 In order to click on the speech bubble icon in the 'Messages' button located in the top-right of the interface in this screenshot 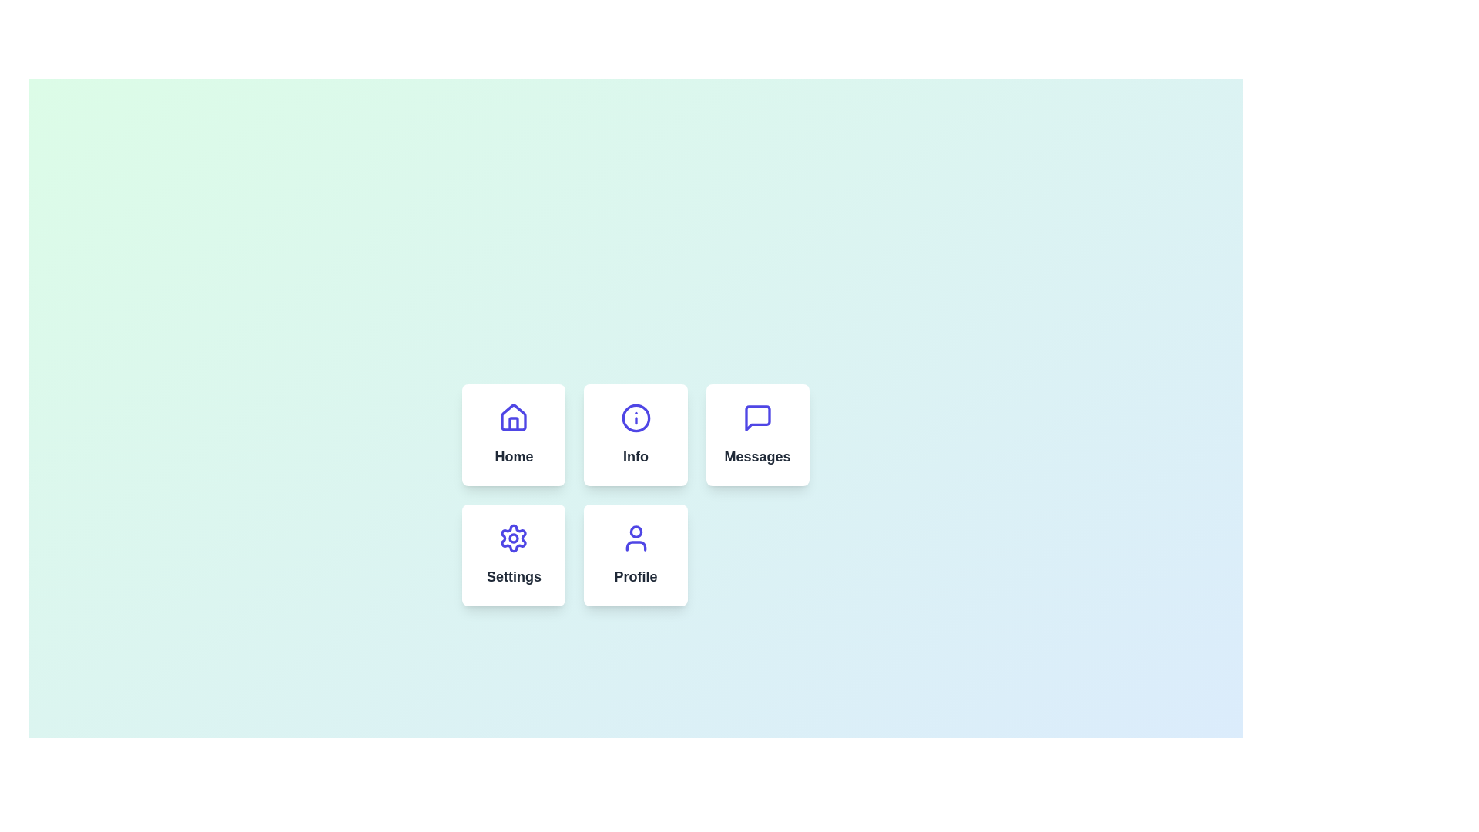, I will do `click(757, 418)`.